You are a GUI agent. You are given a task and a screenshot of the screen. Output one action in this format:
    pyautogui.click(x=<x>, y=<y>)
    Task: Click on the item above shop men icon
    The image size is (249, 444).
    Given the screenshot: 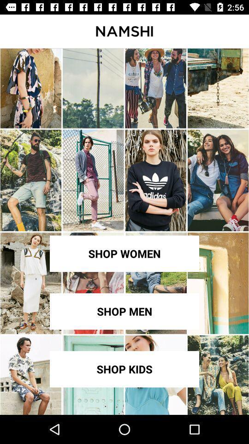 What is the action you would take?
    pyautogui.click(x=125, y=253)
    